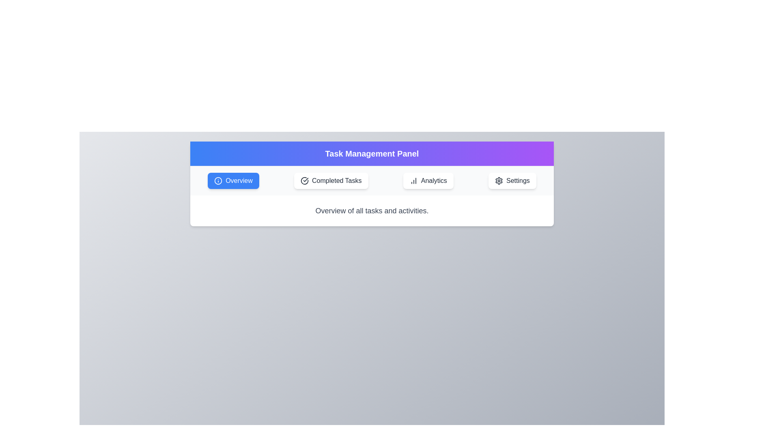 Image resolution: width=779 pixels, height=438 pixels. I want to click on the navigation button located in the horizontal menu bar at the far right, so click(512, 180).